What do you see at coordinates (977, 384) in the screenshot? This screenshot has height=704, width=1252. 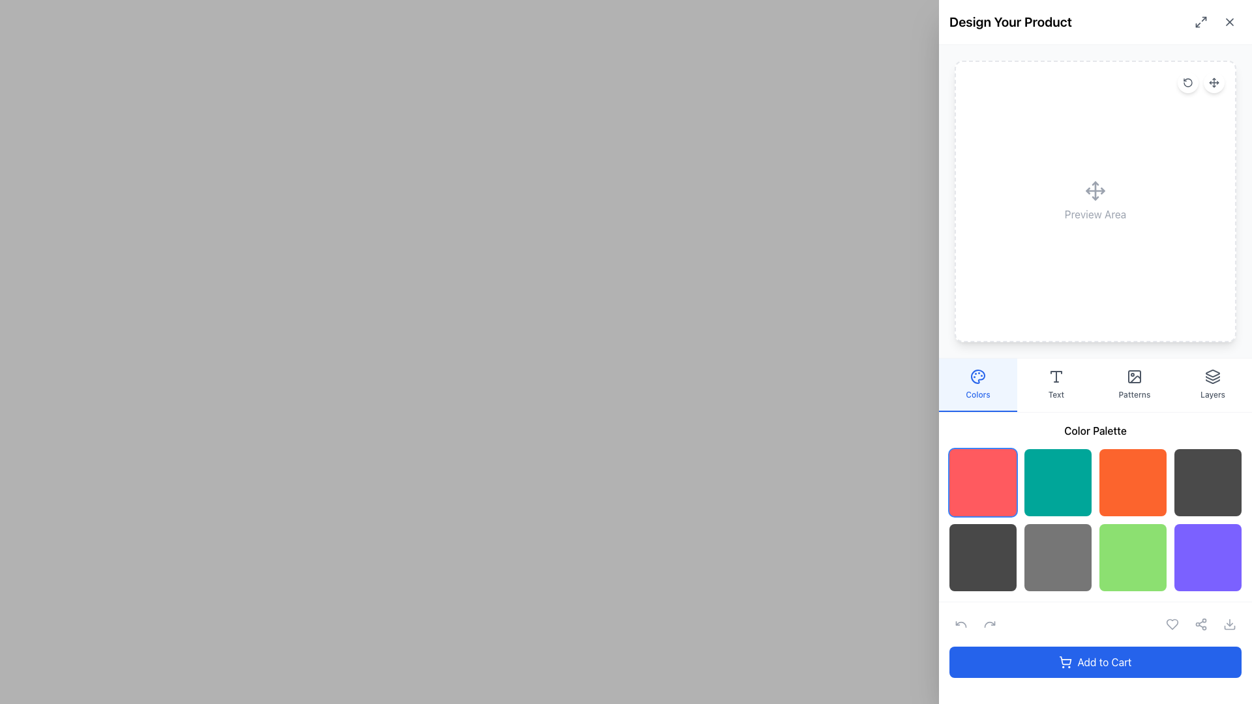 I see `the 'Colors' tab, which is the first tab in a horizontal list of tabs with a light blue background and a painter's palette icon above the text` at bounding box center [977, 384].